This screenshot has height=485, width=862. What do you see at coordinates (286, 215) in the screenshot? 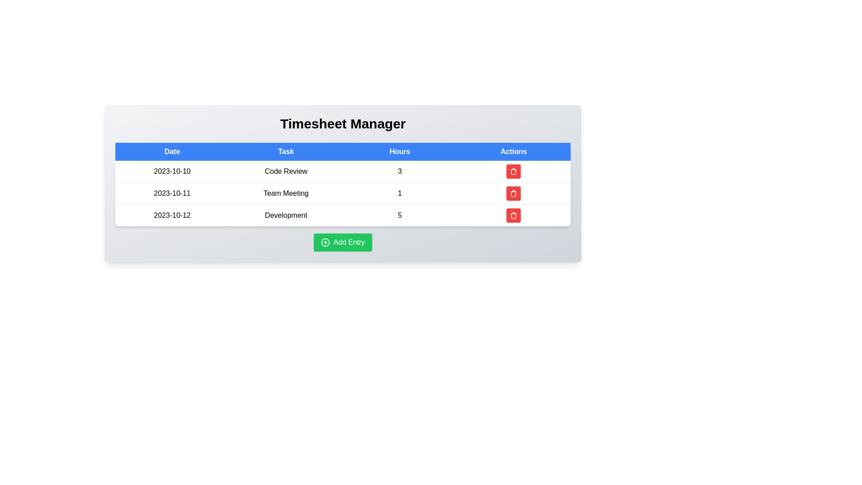
I see `the table cell in the third row of the timesheet table under the 'Task' column that displays the activity 'Development'` at bounding box center [286, 215].